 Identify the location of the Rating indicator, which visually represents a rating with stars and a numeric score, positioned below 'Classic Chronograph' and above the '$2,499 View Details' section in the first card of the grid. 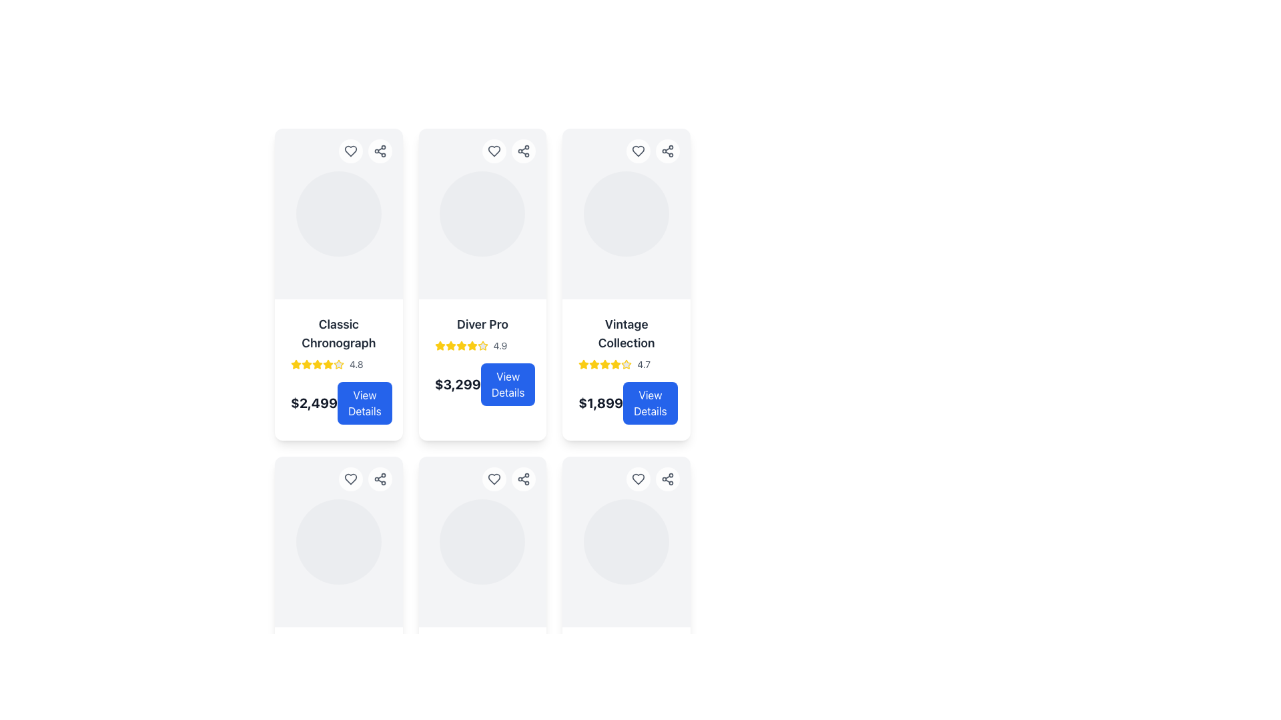
(338, 365).